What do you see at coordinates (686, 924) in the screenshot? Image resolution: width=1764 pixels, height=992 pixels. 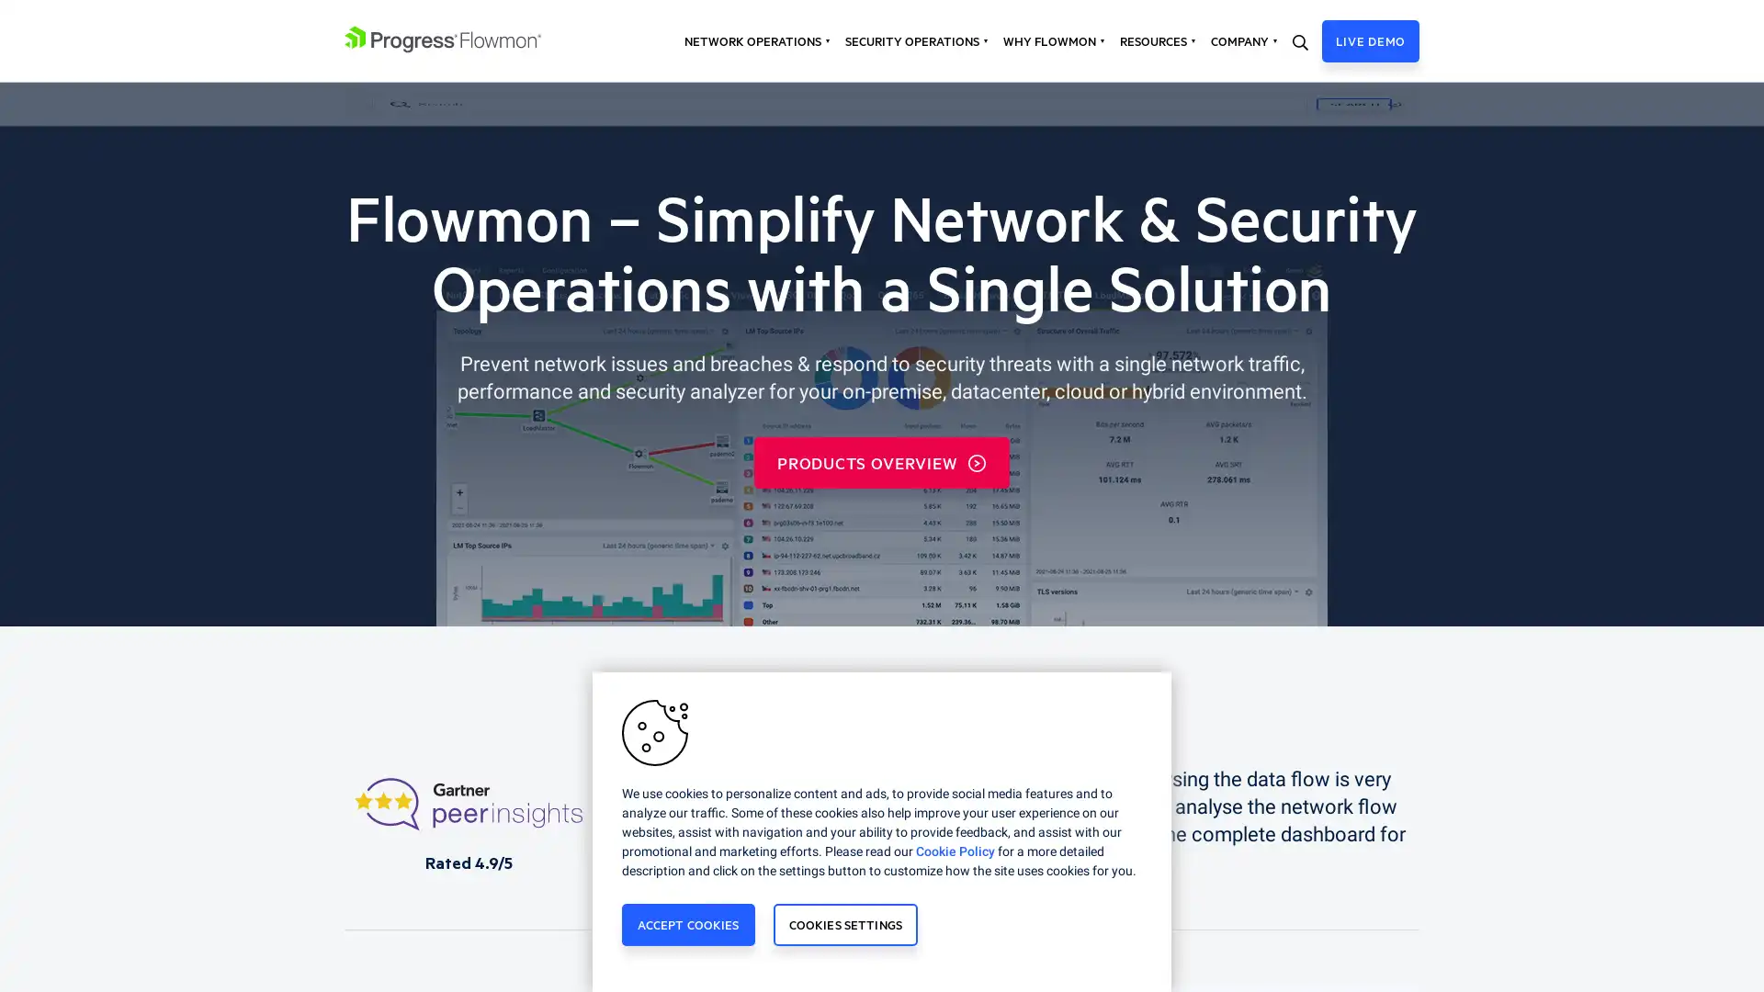 I see `ACCEPT COOKIES` at bounding box center [686, 924].